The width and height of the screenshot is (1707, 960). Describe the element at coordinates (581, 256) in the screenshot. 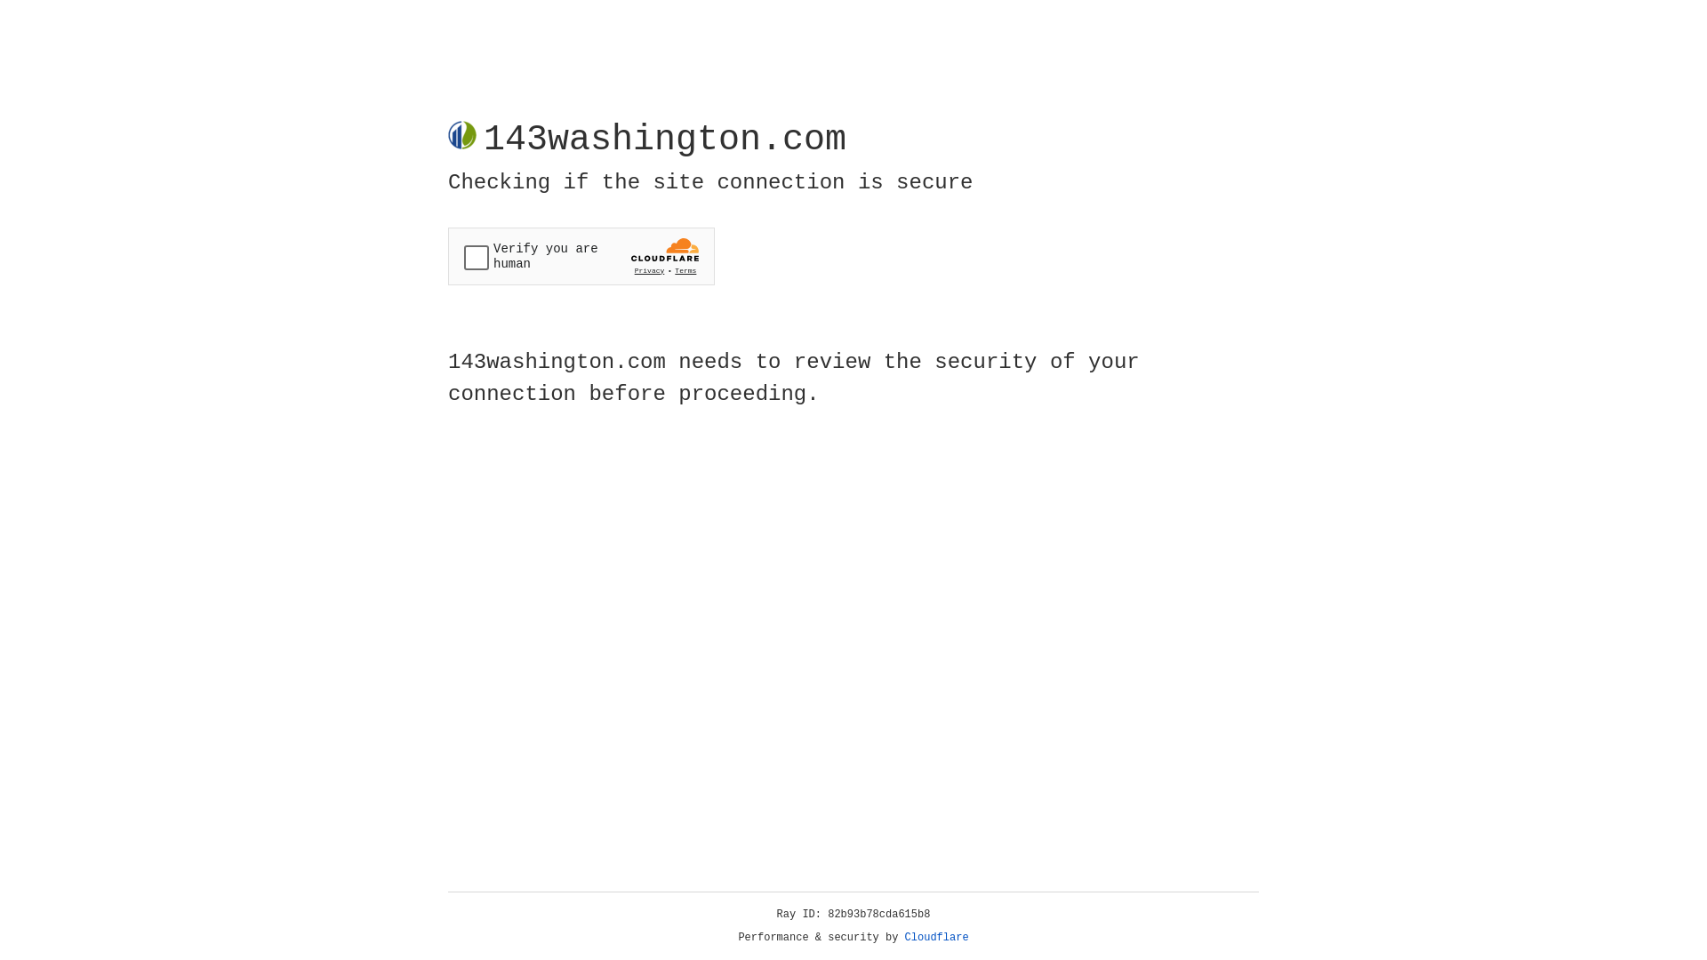

I see `'Widget containing a Cloudflare security challenge'` at that location.